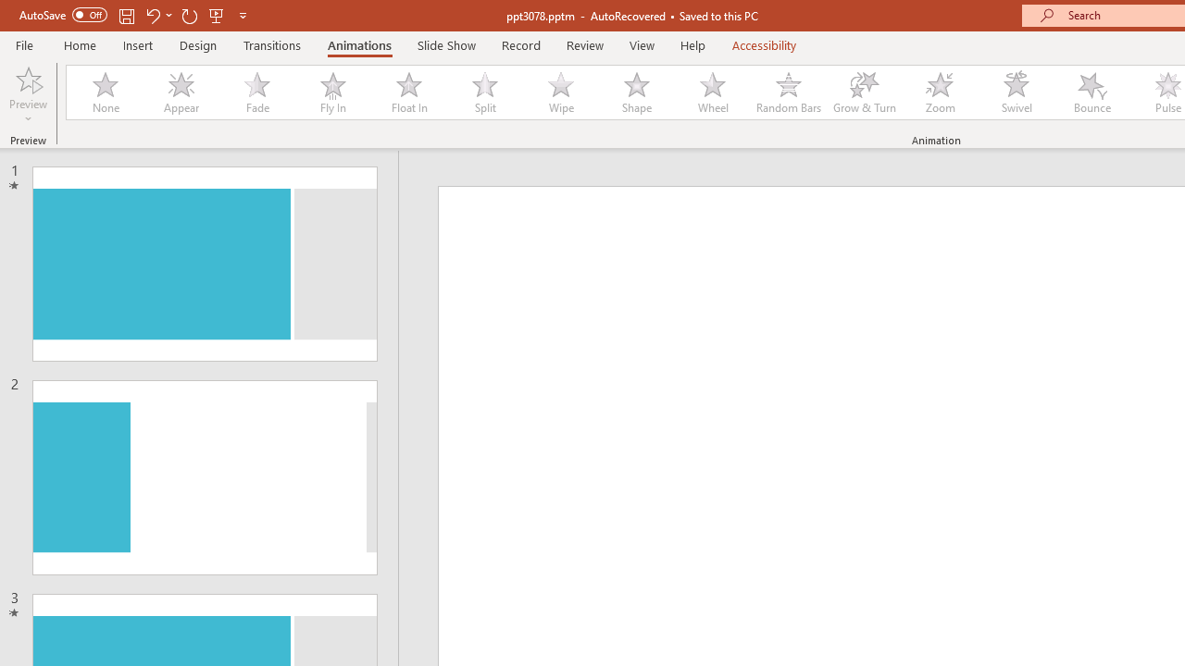 The image size is (1185, 666). Describe the element at coordinates (637, 92) in the screenshot. I see `'Shape'` at that location.